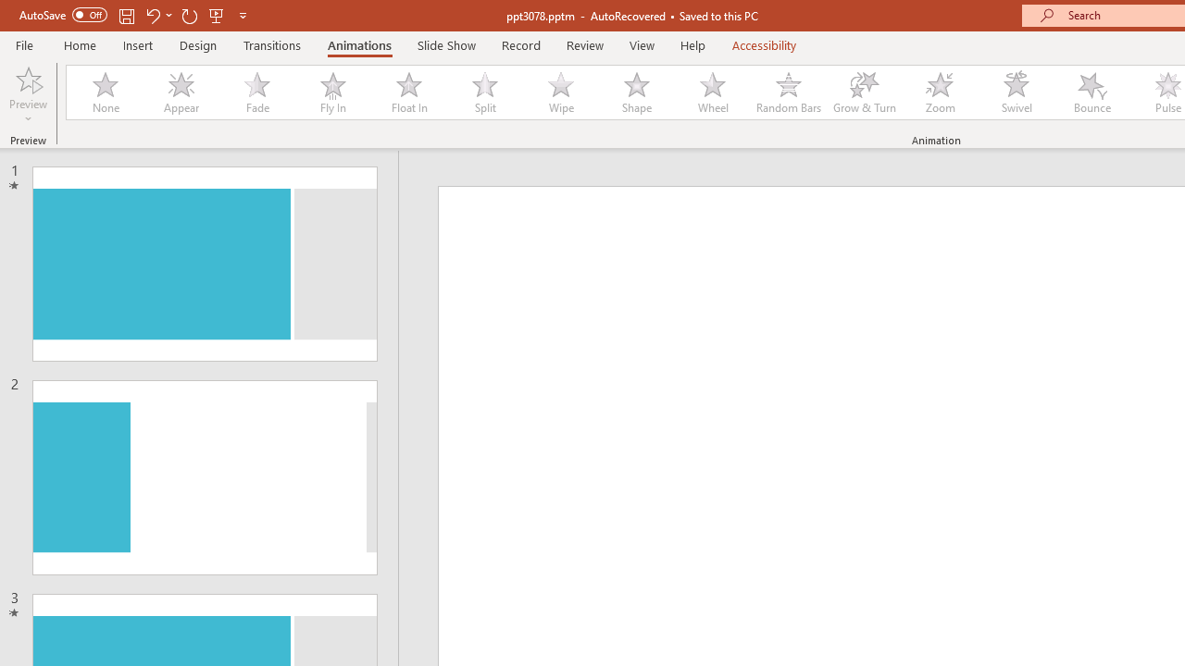 The image size is (1185, 666). Describe the element at coordinates (637, 92) in the screenshot. I see `'Shape'` at that location.